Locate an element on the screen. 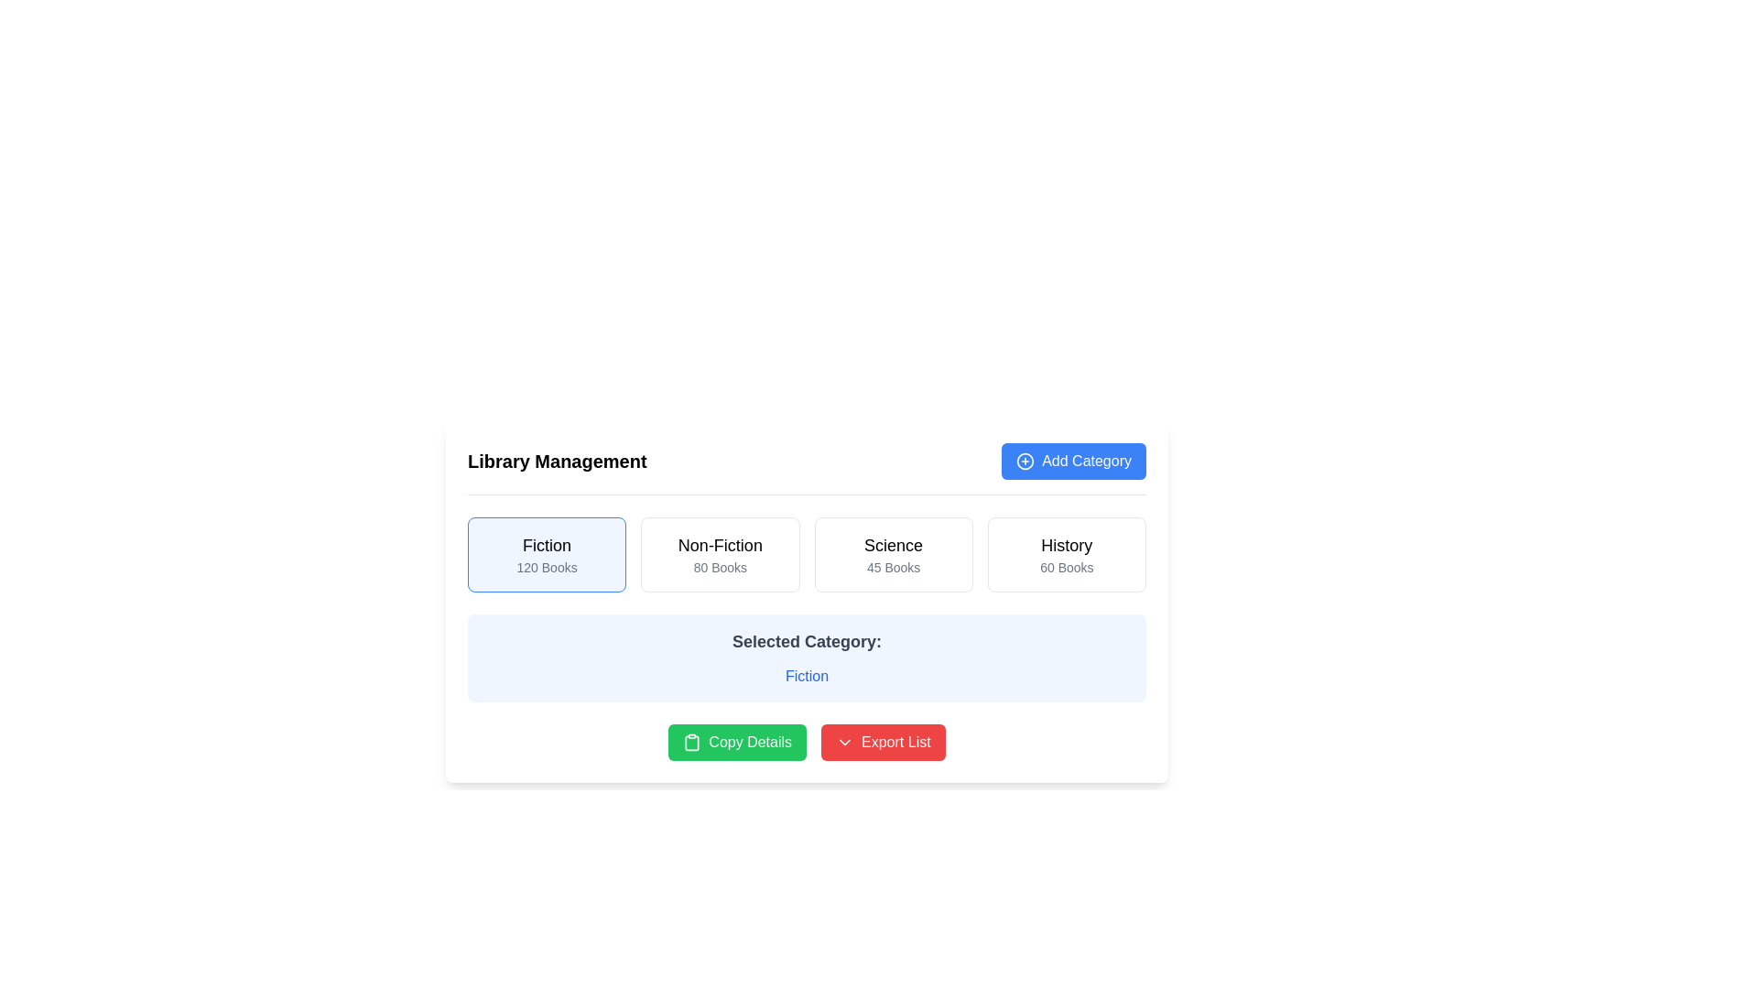 The width and height of the screenshot is (1758, 989). information displayed in the Informational panel that shows the currently selected category, including the title and the category name 'Fiction' is located at coordinates (806, 657).